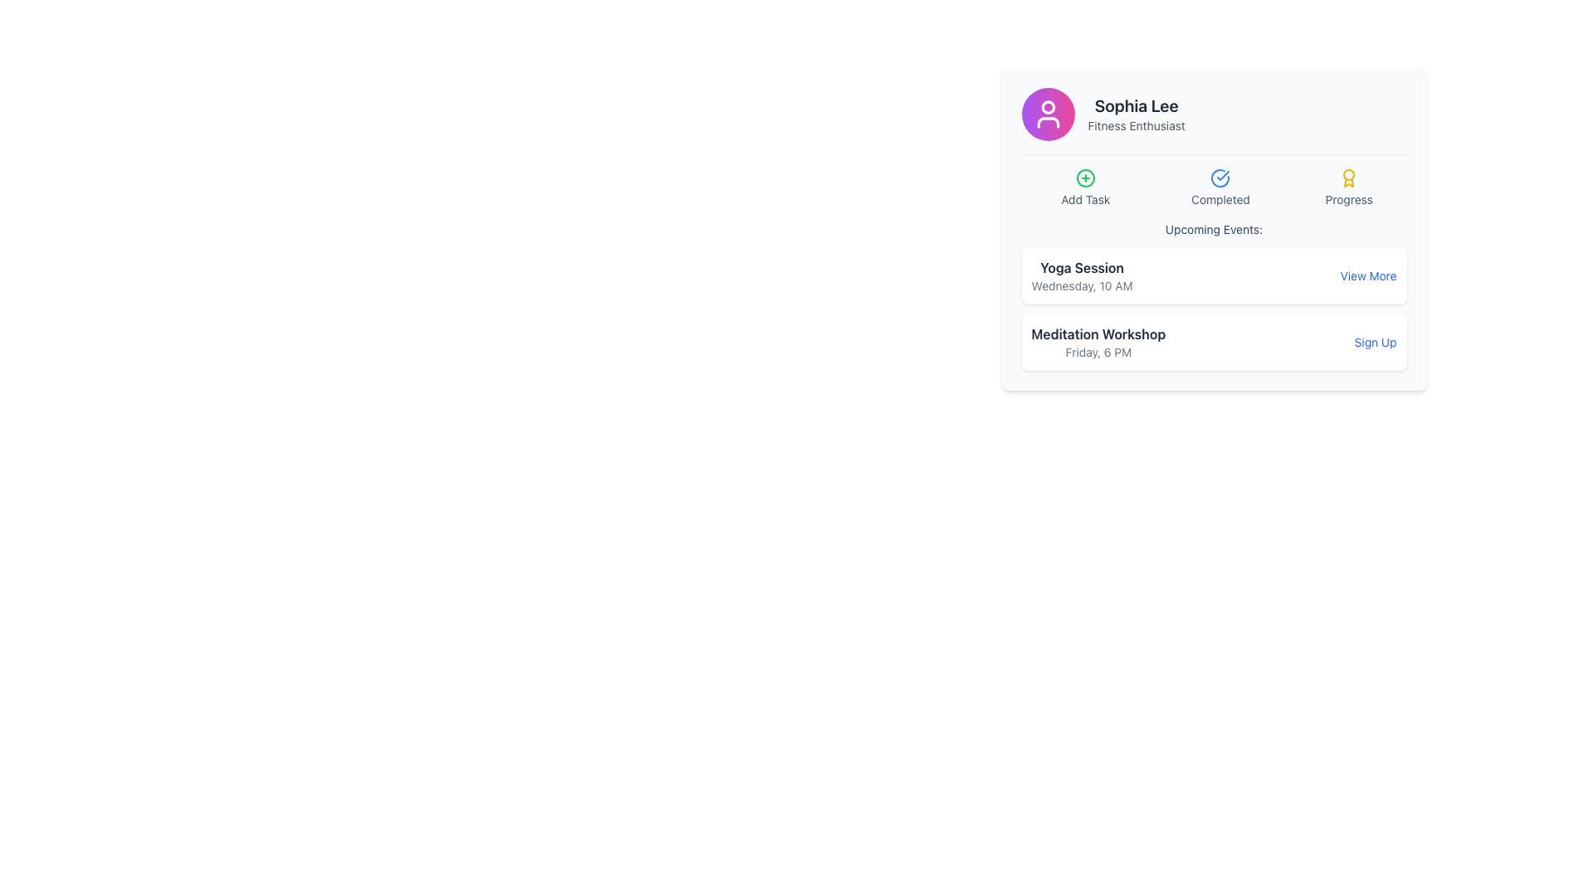 The image size is (1594, 896). I want to click on the golden award icon styled as a medal located under the 'Progress' label, so click(1349, 178).